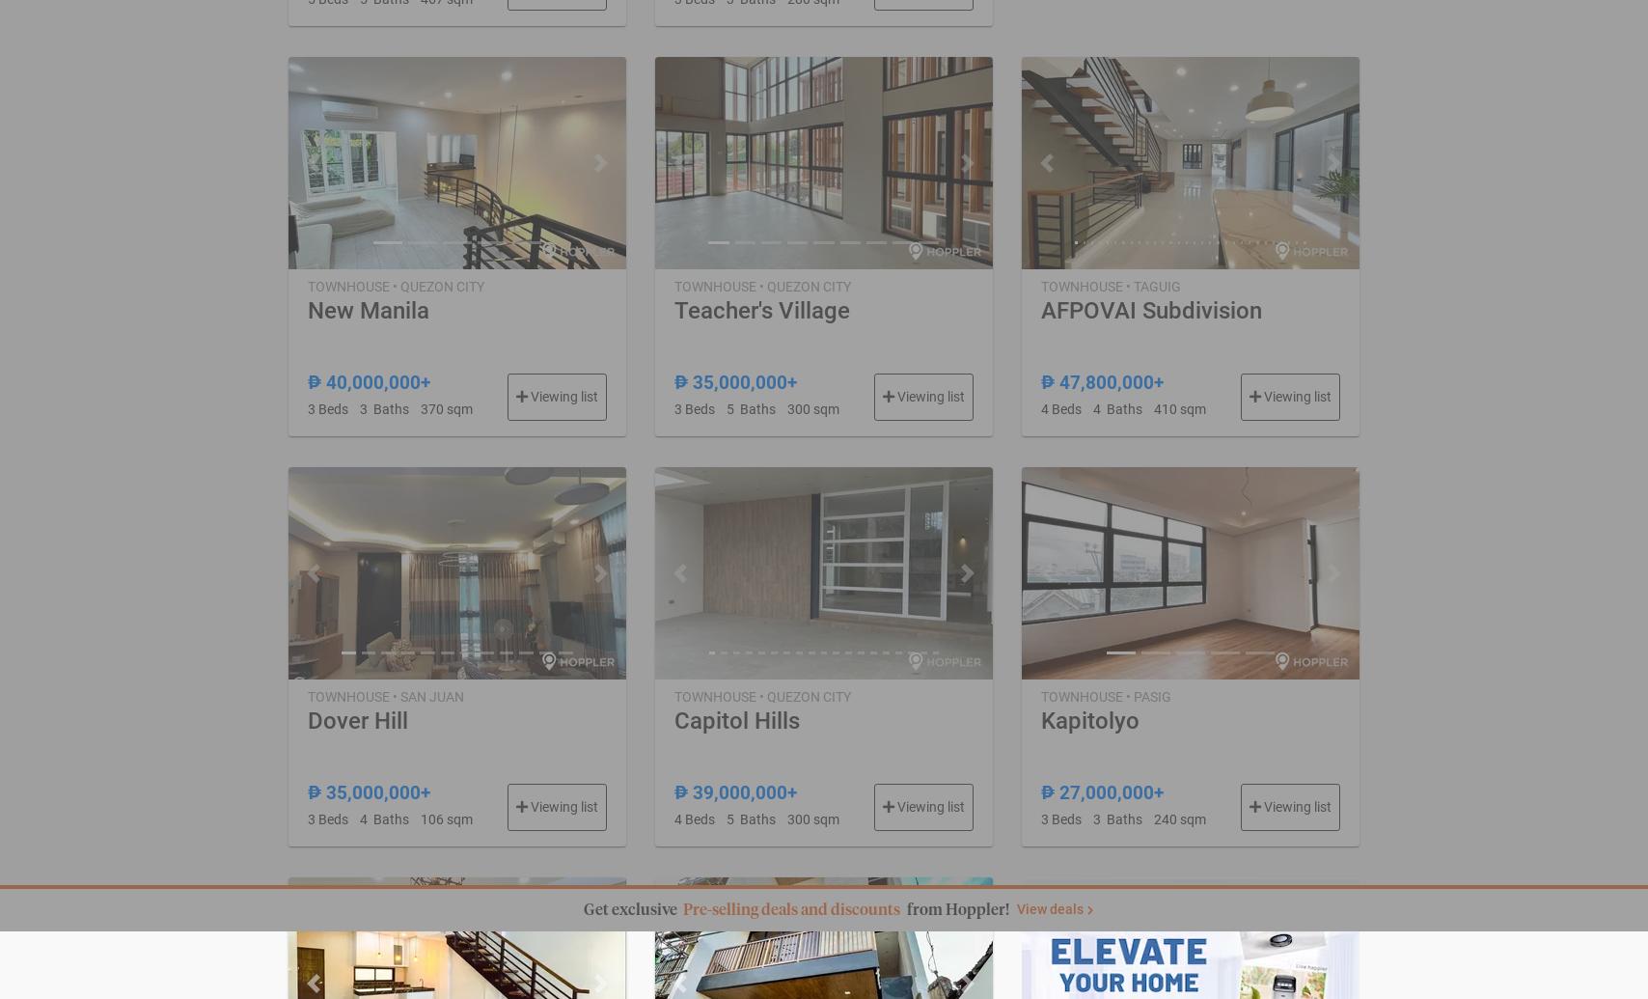  Describe the element at coordinates (308, 694) in the screenshot. I see `'Townhouse • San Juan'` at that location.